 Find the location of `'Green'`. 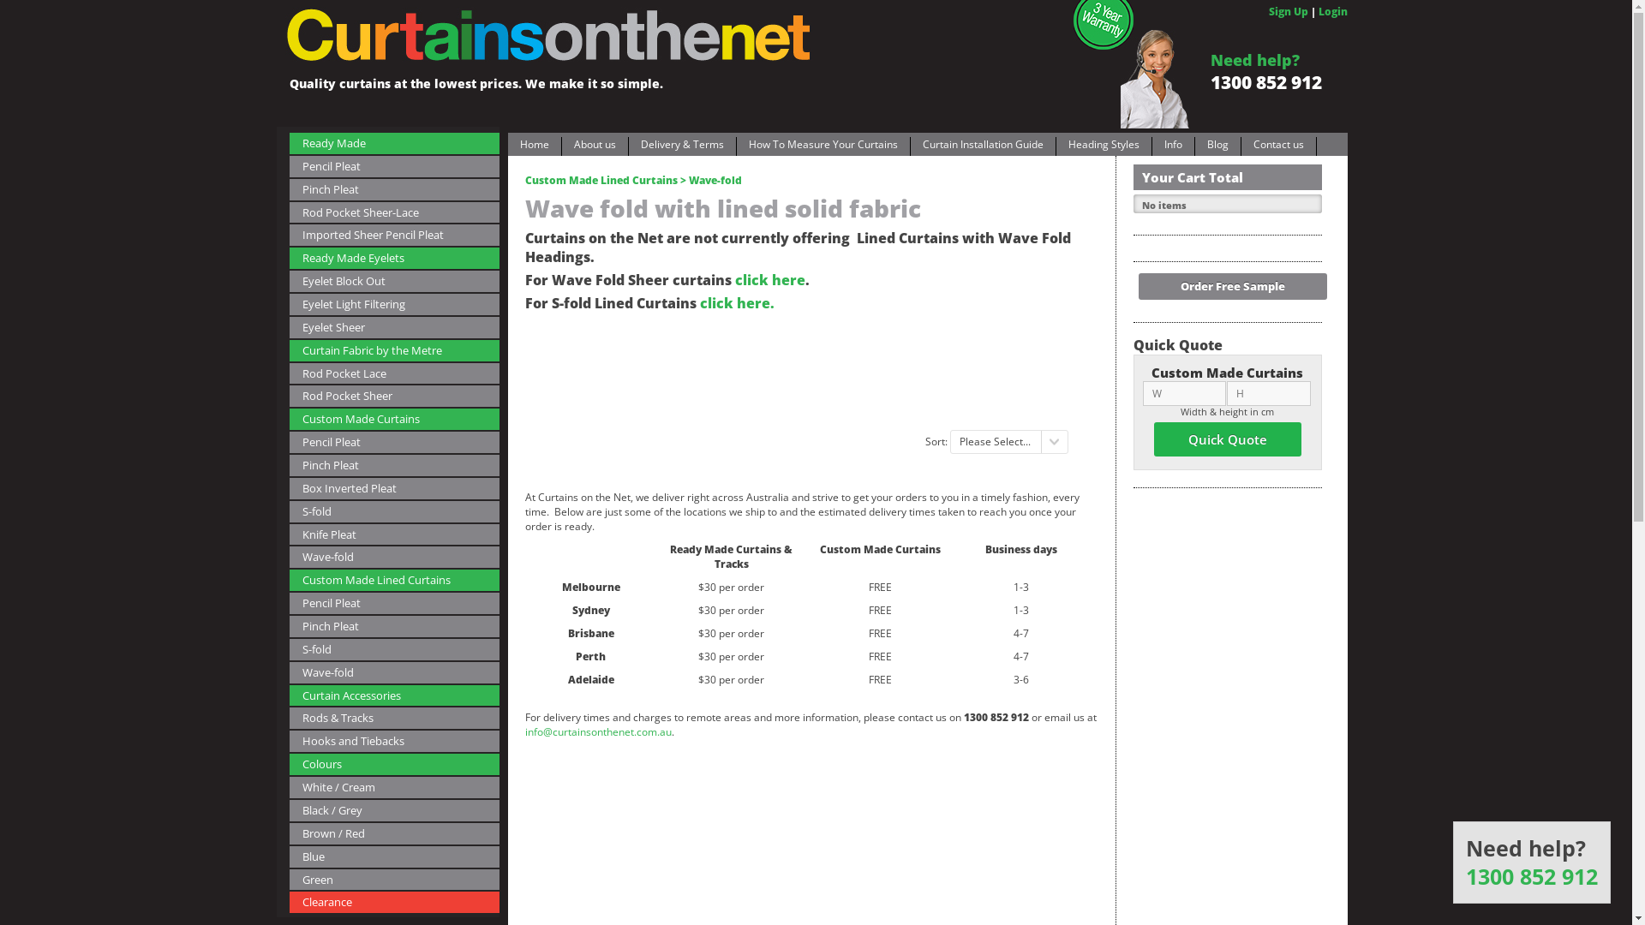

'Green' is located at coordinates (393, 879).